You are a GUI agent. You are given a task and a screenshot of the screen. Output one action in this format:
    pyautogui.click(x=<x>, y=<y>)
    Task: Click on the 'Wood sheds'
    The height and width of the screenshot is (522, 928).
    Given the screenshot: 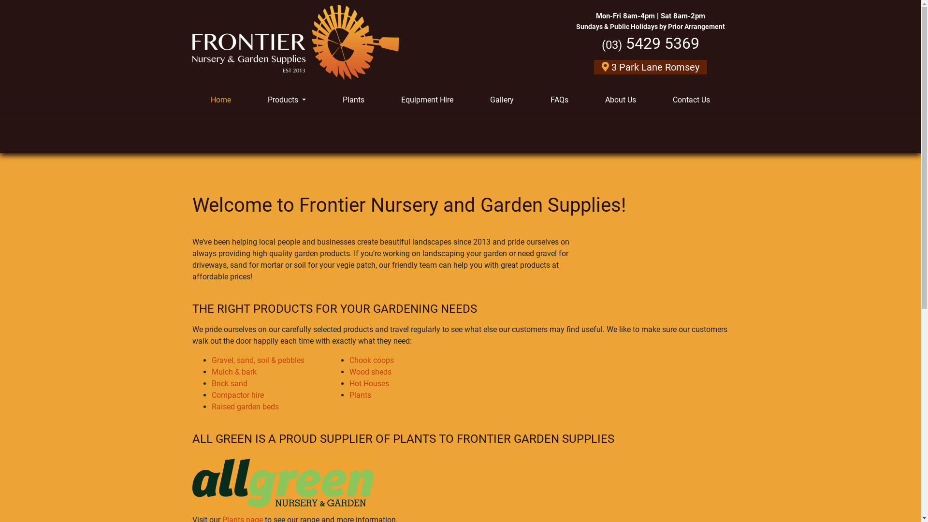 What is the action you would take?
    pyautogui.click(x=348, y=371)
    